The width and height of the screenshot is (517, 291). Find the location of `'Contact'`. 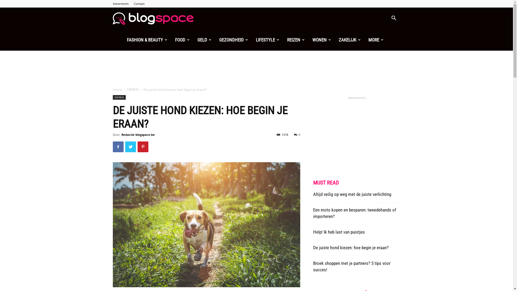

'Contact' is located at coordinates (139, 4).